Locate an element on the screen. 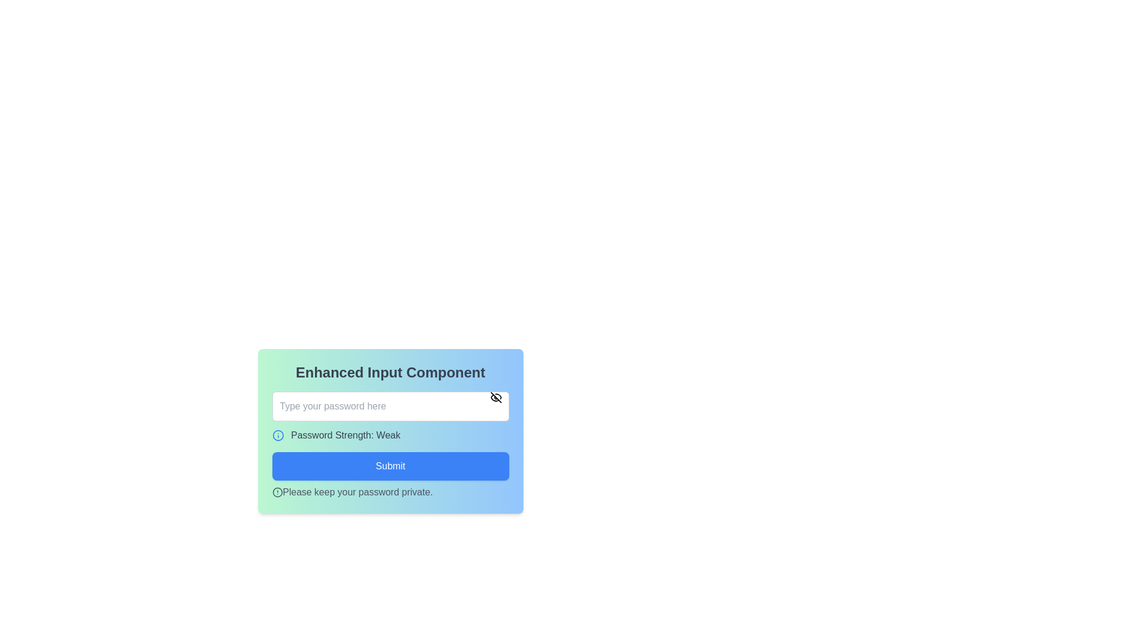 This screenshot has width=1137, height=640. the Text label displaying 'Password Strength: Weak', which is styled with a distinct red color and located below the password input field and above the 'Submit' button is located at coordinates (390, 431).